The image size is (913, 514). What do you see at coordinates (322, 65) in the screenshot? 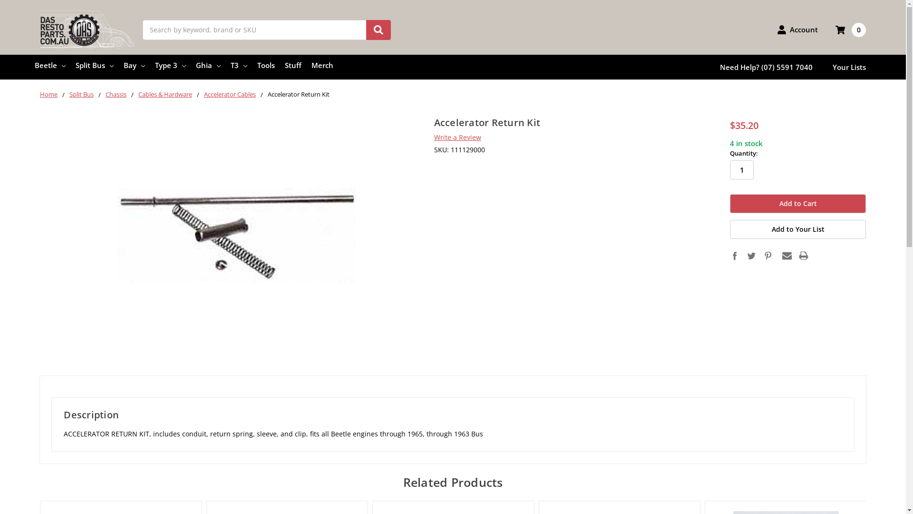
I see `'Merch'` at bounding box center [322, 65].